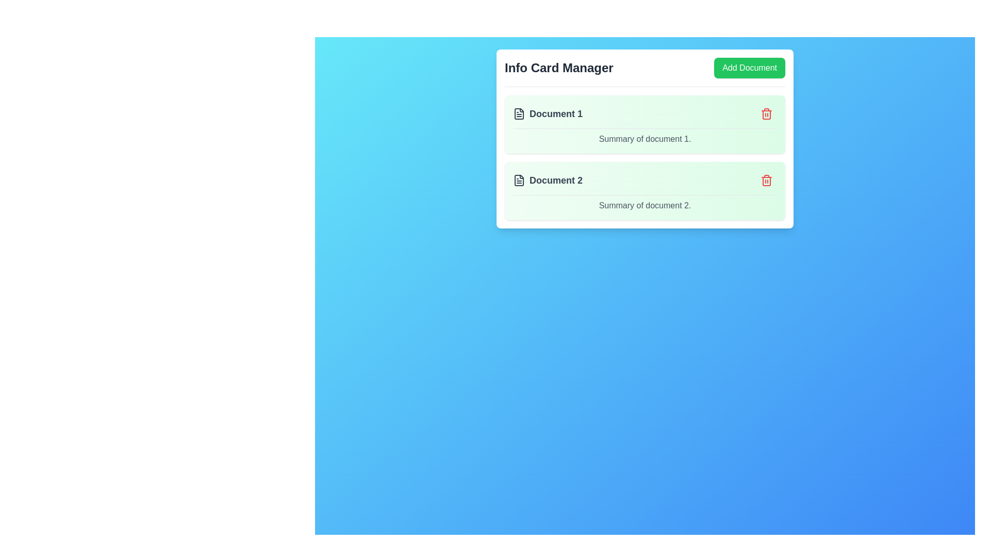 Image resolution: width=990 pixels, height=557 pixels. I want to click on the card titled 'Document 2' in the 'Info Card Manager' using the keyboard, so click(645, 182).